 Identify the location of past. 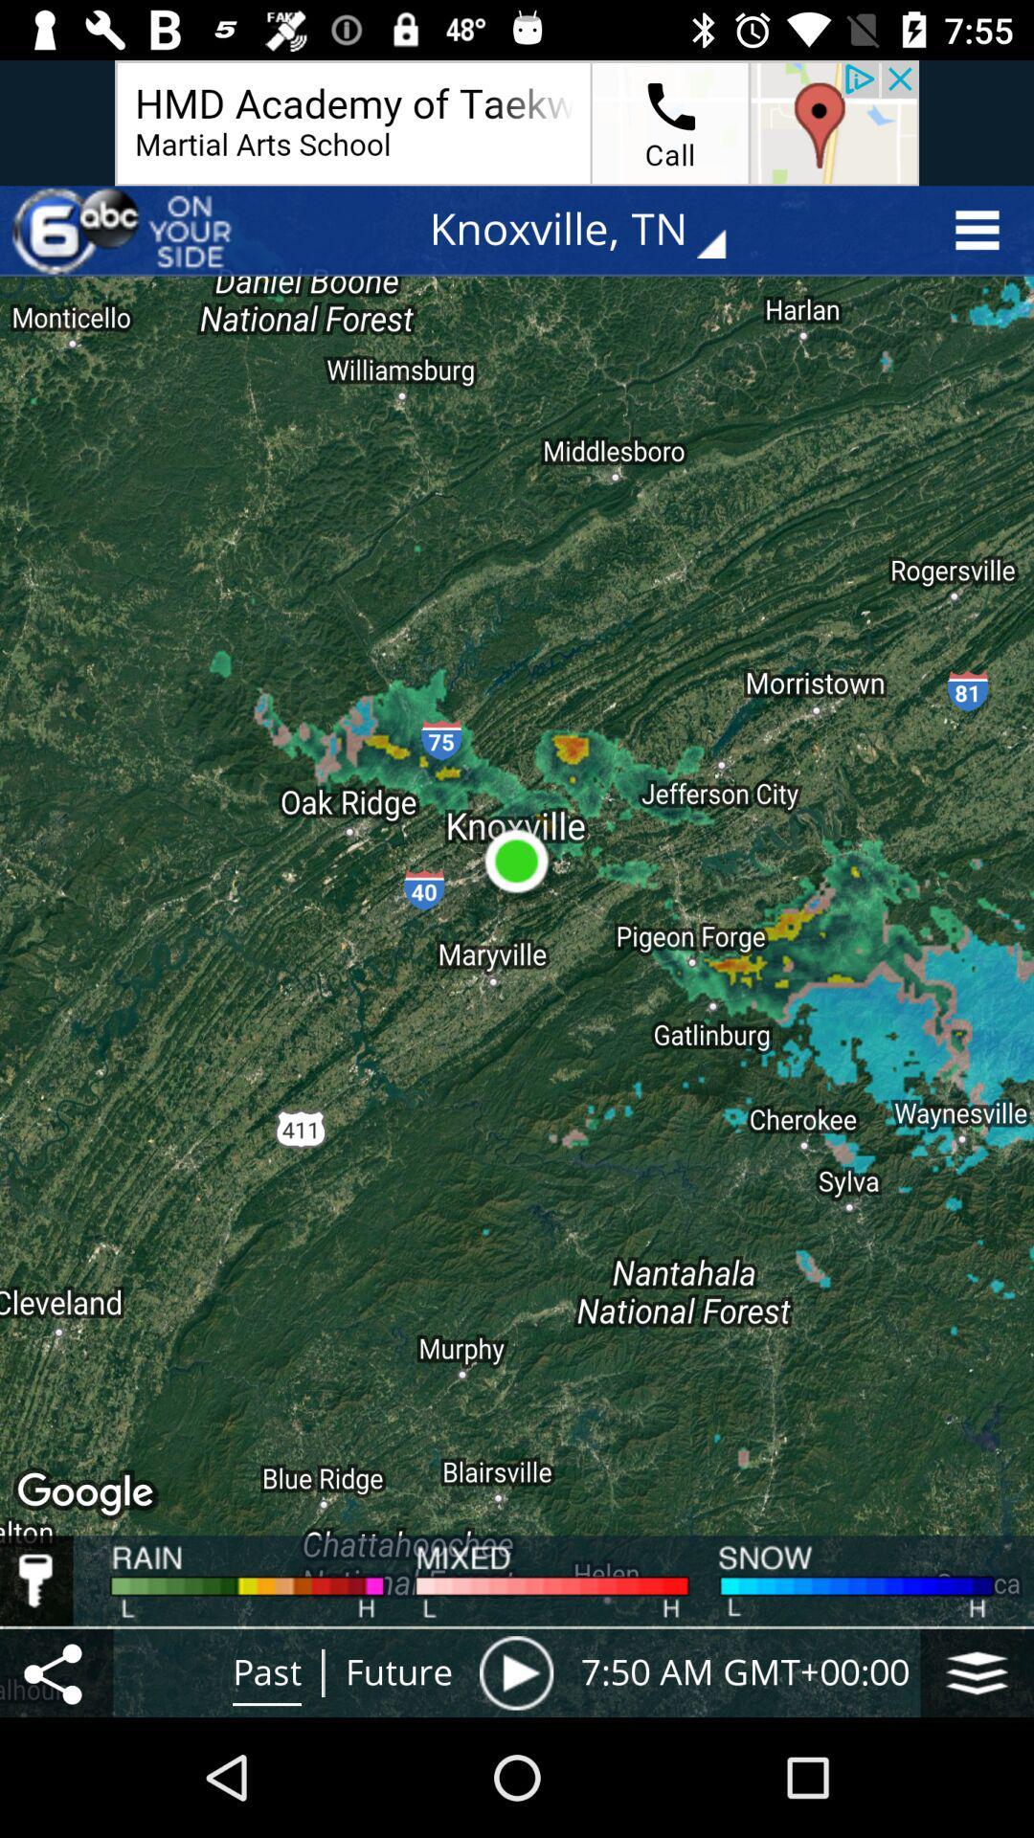
(266, 1671).